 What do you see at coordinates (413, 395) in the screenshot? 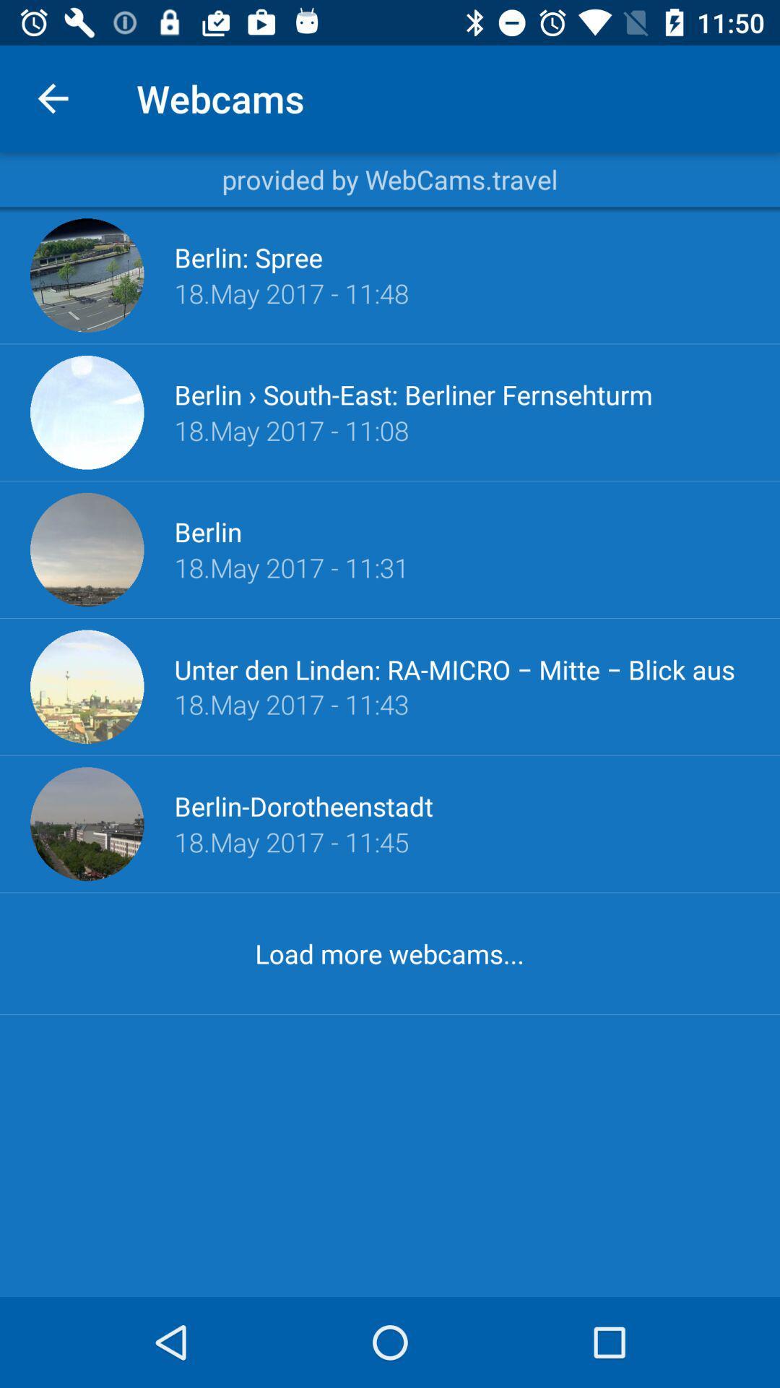
I see `the icon above 18 may 2017 item` at bounding box center [413, 395].